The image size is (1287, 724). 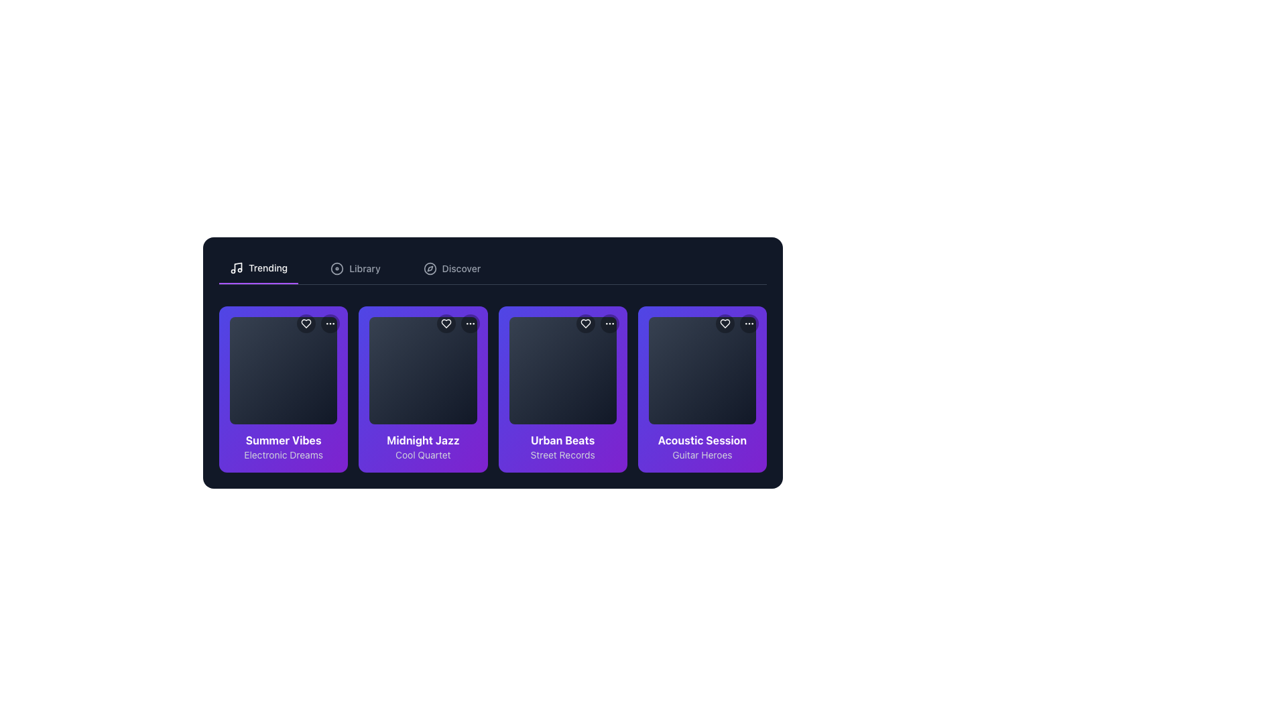 What do you see at coordinates (283, 389) in the screenshot?
I see `the first selectable card in the grid layout` at bounding box center [283, 389].